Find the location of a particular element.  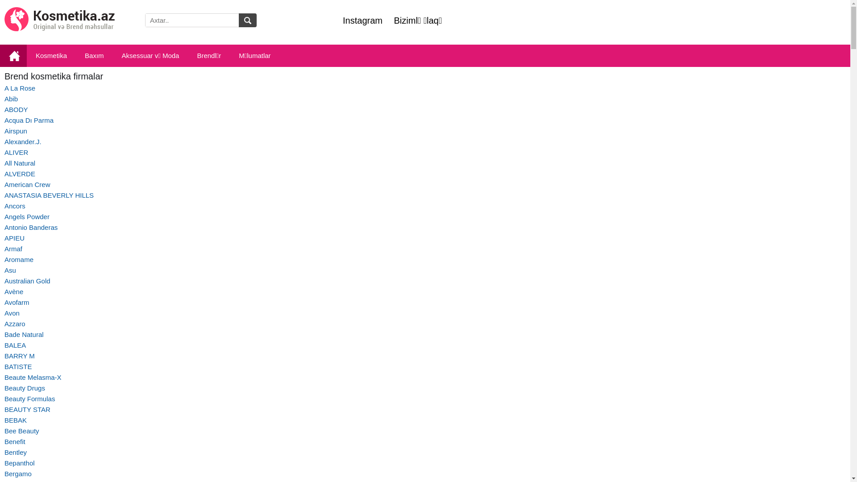

'APIEU' is located at coordinates (14, 237).